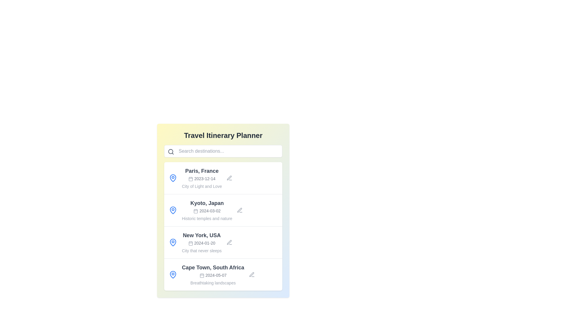 This screenshot has height=319, width=567. I want to click on the circular gray outline element within the magnifying glass icon, located to the far left of the search input field in the travel itinerary planner interface, so click(170, 151).